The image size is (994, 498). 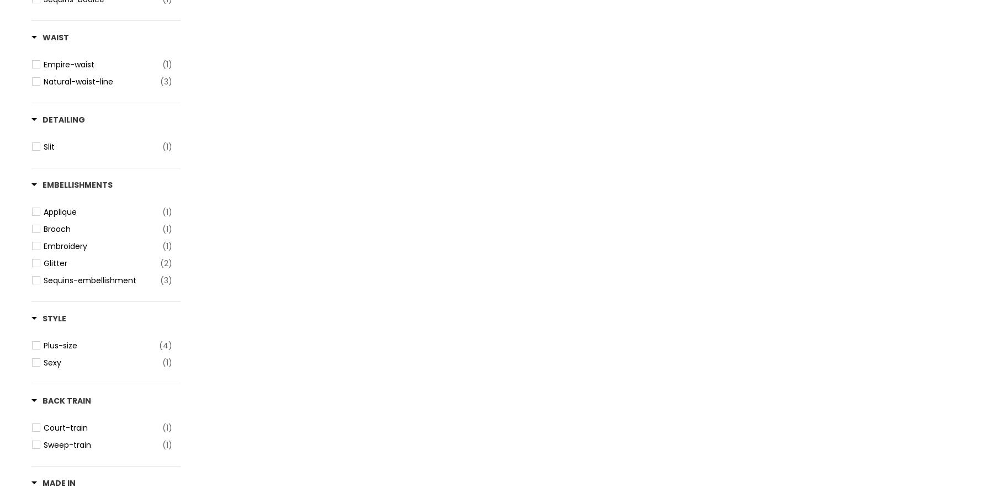 I want to click on 'Sequins-embellishment', so click(x=90, y=280).